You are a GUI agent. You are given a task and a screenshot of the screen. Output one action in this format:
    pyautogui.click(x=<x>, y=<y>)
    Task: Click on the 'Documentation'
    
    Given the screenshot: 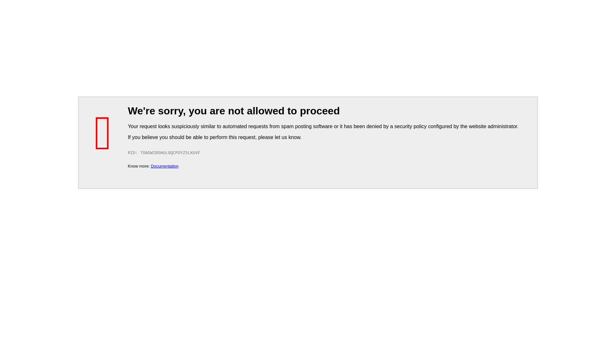 What is the action you would take?
    pyautogui.click(x=165, y=166)
    